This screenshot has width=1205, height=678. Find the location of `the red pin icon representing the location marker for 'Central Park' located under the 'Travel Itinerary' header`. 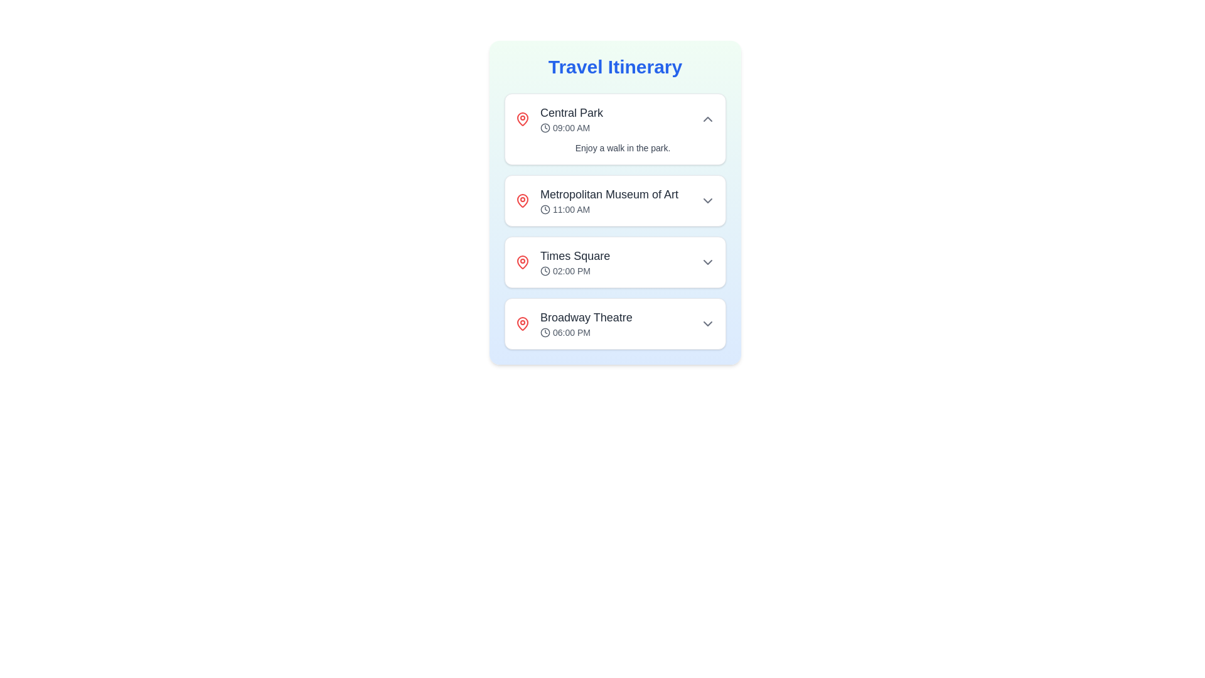

the red pin icon representing the location marker for 'Central Park' located under the 'Travel Itinerary' header is located at coordinates (523, 119).